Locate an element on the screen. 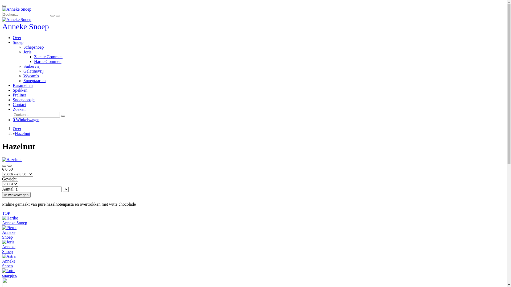  'Contact' is located at coordinates (19, 104).